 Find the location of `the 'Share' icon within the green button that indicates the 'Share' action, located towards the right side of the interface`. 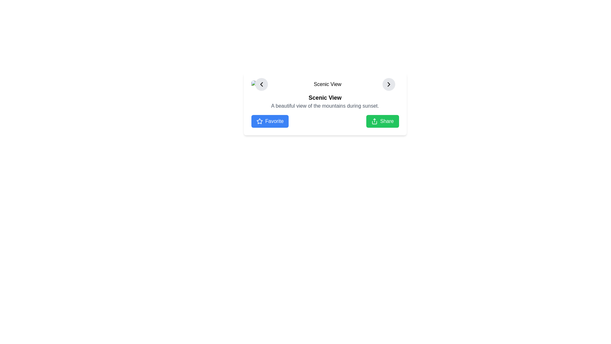

the 'Share' icon within the green button that indicates the 'Share' action, located towards the right side of the interface is located at coordinates (374, 121).